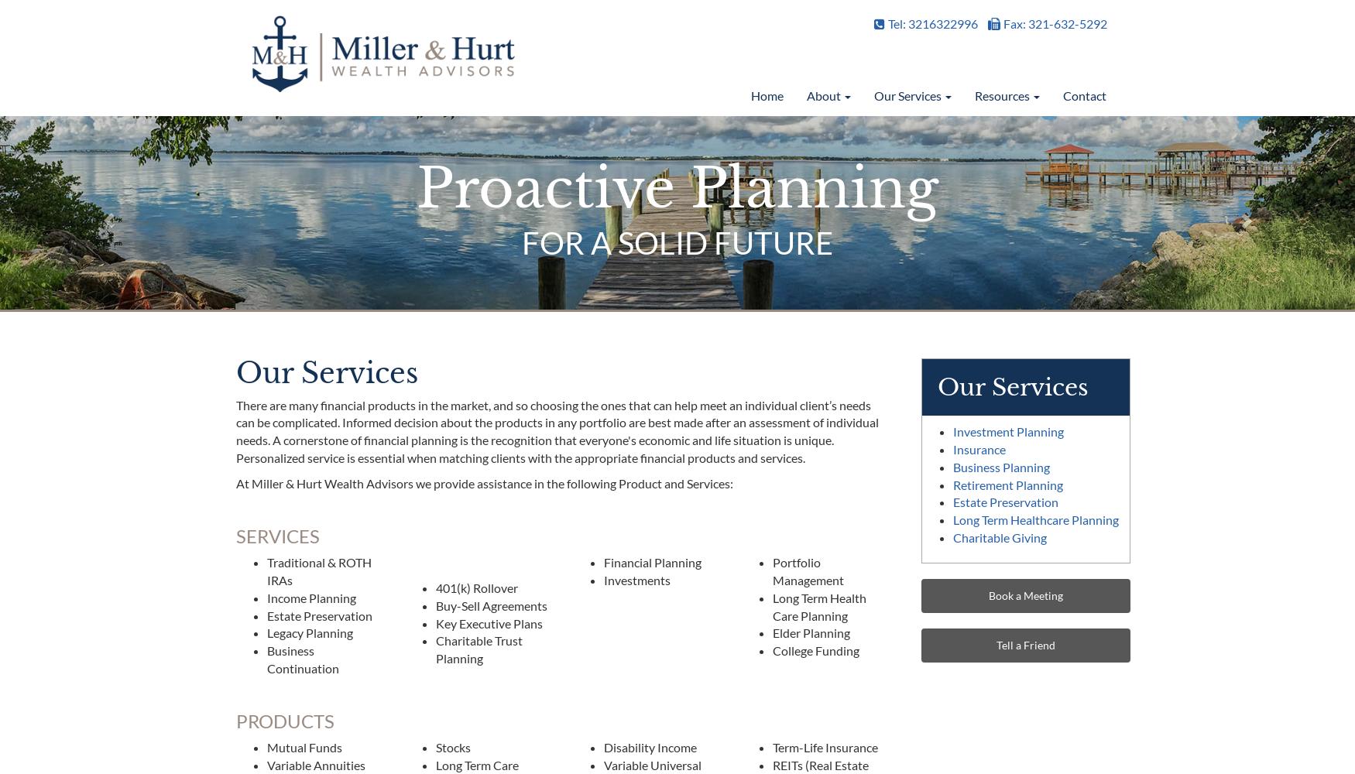 This screenshot has height=774, width=1355. Describe the element at coordinates (807, 570) in the screenshot. I see `'Portfolio Management'` at that location.